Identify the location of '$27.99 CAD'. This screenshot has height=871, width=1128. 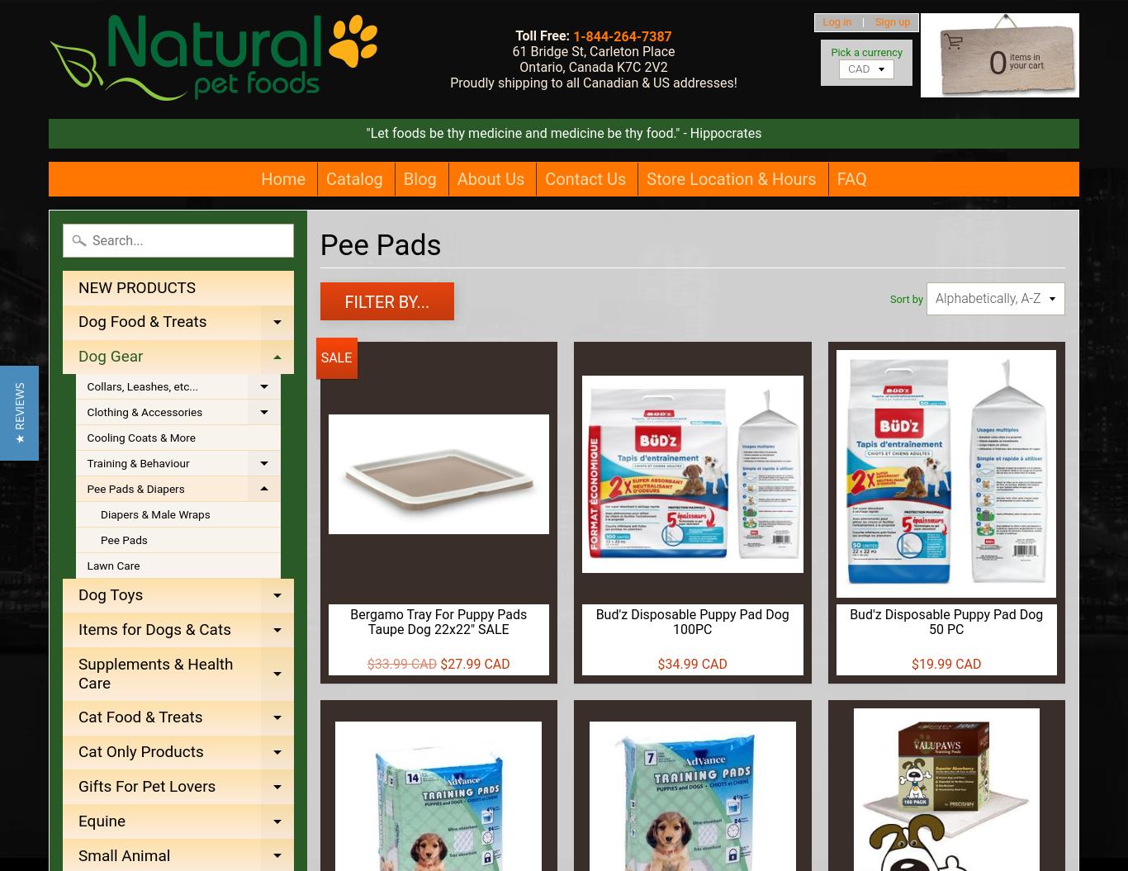
(473, 662).